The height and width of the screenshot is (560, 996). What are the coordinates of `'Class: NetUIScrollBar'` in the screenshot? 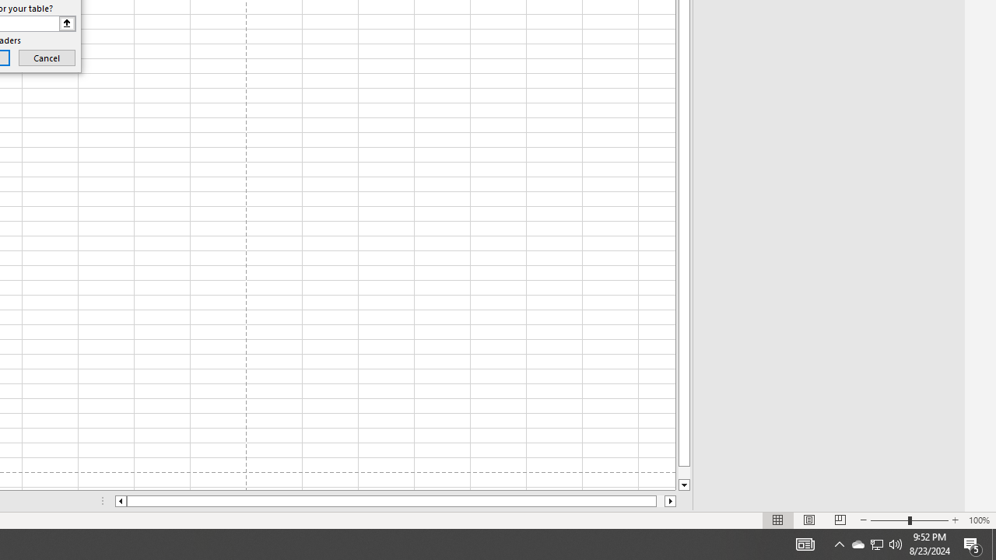 It's located at (395, 501).